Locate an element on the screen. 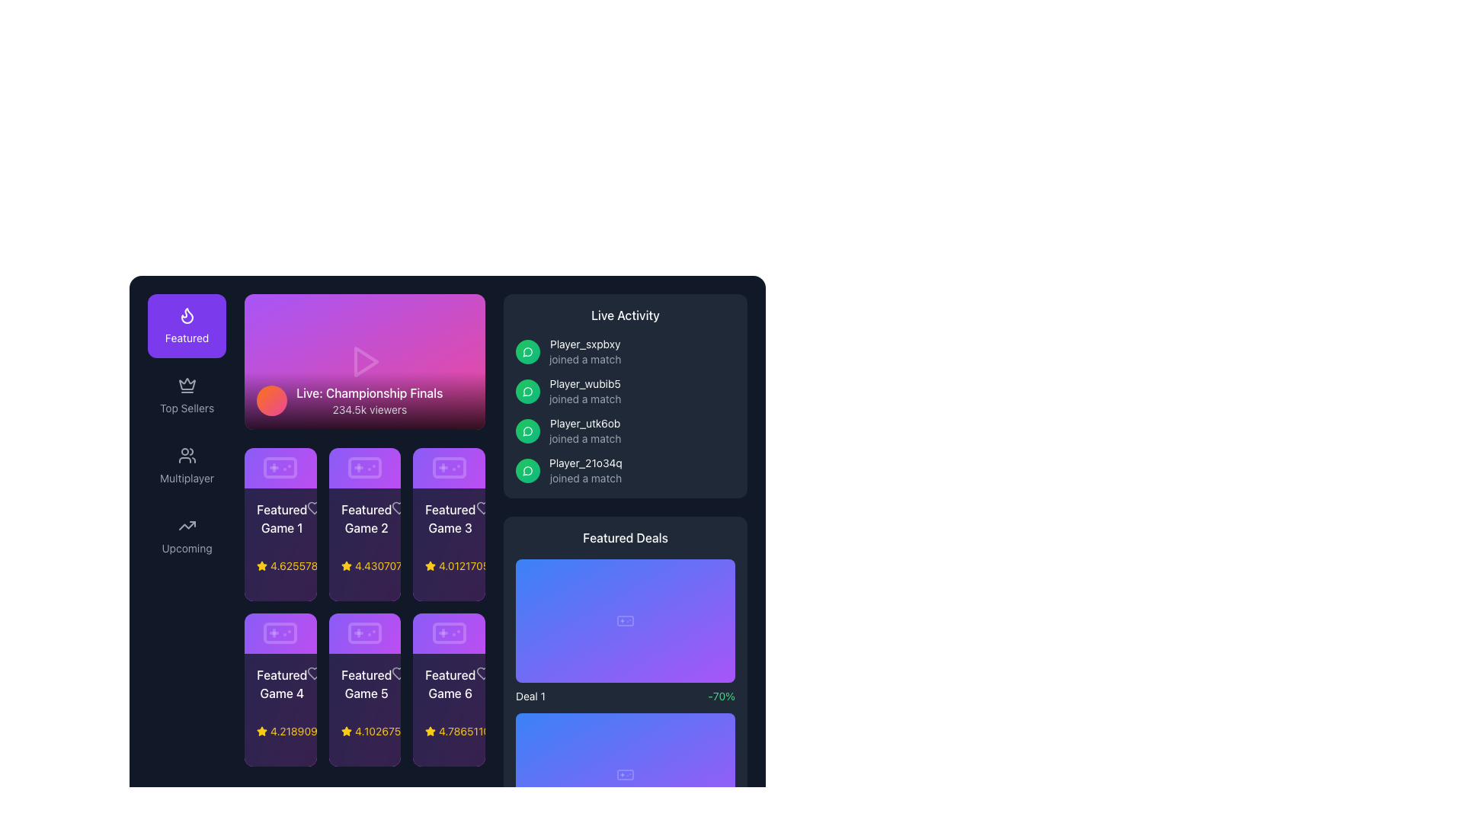 This screenshot has height=823, width=1463. the numerical rating display for 'Featured Game 6', which is the sixth element in a 3x2 grid of ratings located in the left section of the interface is located at coordinates (482, 731).